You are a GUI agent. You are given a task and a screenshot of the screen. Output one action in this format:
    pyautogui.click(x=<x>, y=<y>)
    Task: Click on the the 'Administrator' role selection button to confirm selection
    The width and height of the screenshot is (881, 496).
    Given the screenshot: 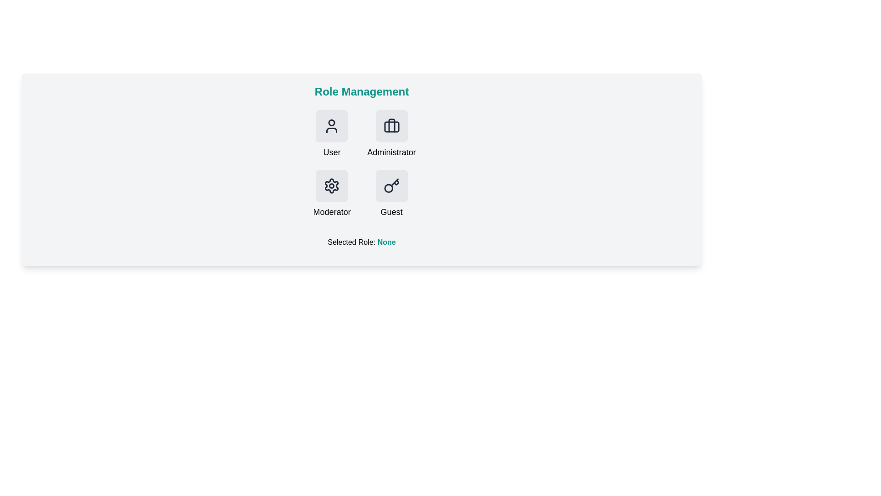 What is the action you would take?
    pyautogui.click(x=391, y=135)
    